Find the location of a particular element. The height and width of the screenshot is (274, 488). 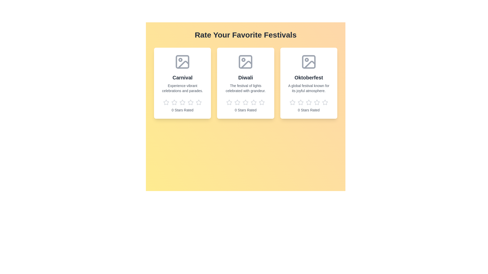

the festival card to view its title and description is located at coordinates (182, 83).